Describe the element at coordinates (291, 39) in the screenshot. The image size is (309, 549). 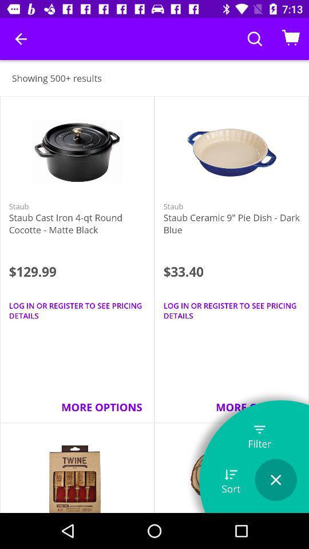
I see `the cart icon on the top right corner` at that location.